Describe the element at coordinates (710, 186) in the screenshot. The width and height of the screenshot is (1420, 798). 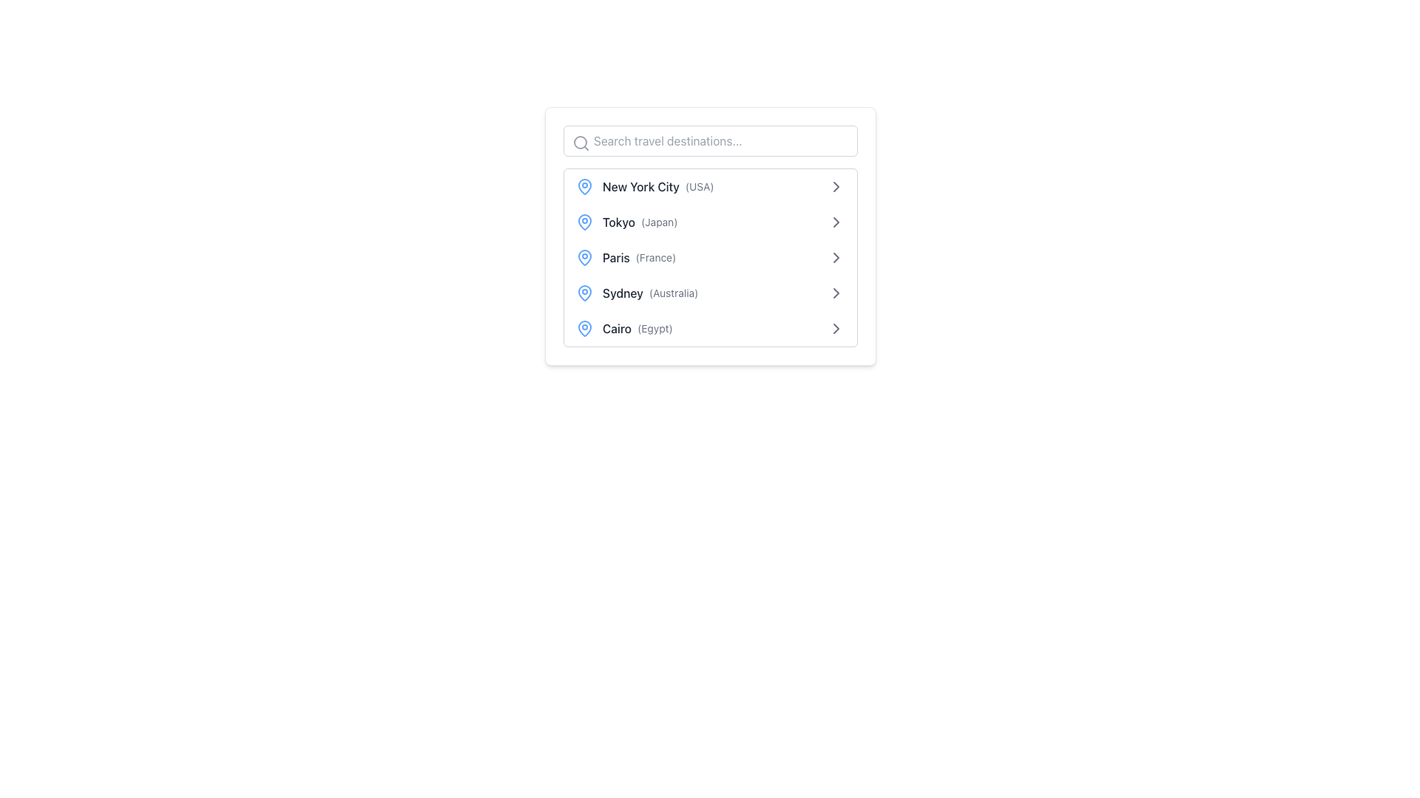
I see `the first list item representing New York City in the travel destination selection list` at that location.